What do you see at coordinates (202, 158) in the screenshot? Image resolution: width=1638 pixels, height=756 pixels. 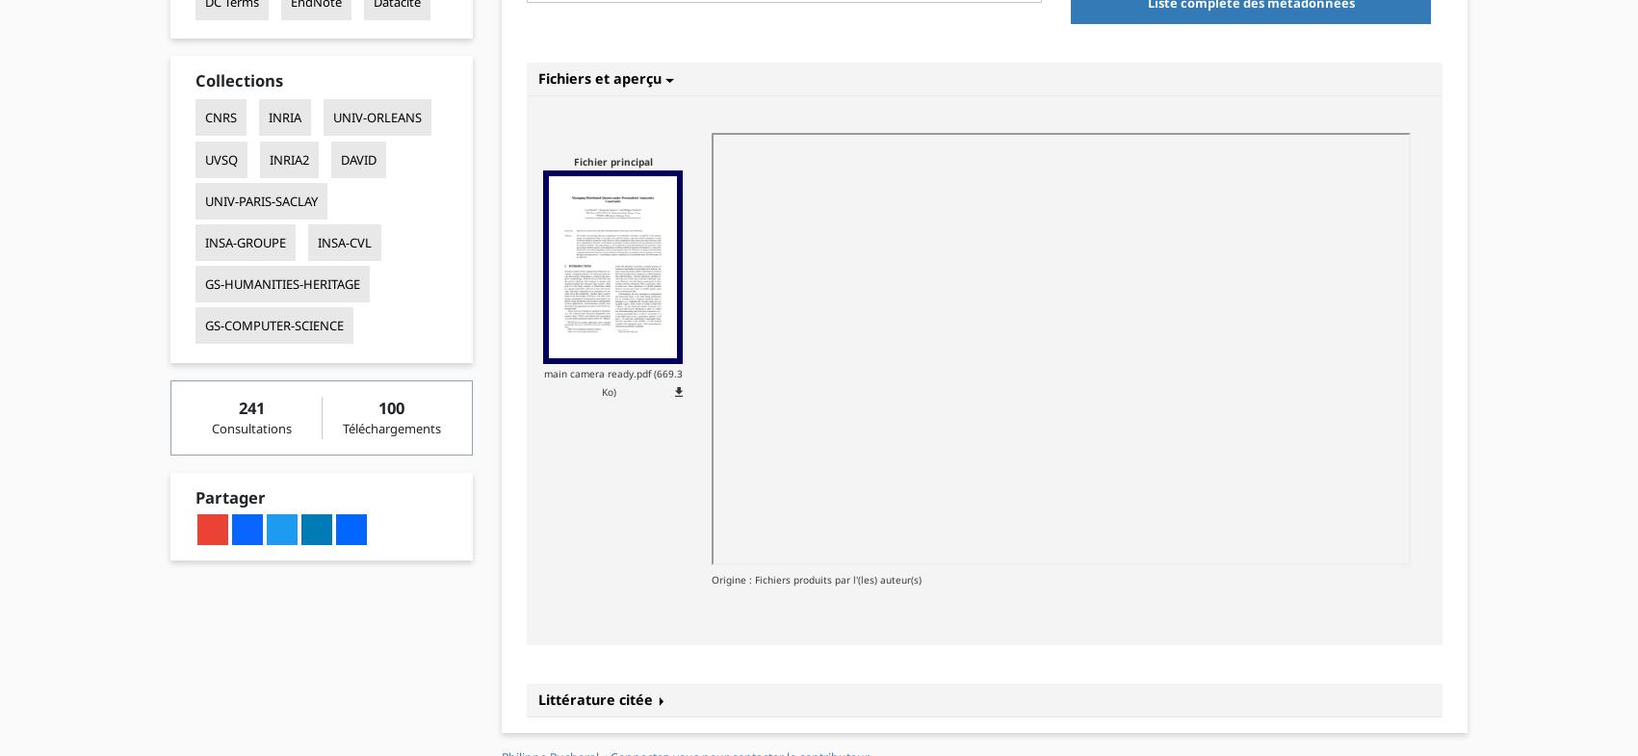 I see `'UVSQ'` at bounding box center [202, 158].